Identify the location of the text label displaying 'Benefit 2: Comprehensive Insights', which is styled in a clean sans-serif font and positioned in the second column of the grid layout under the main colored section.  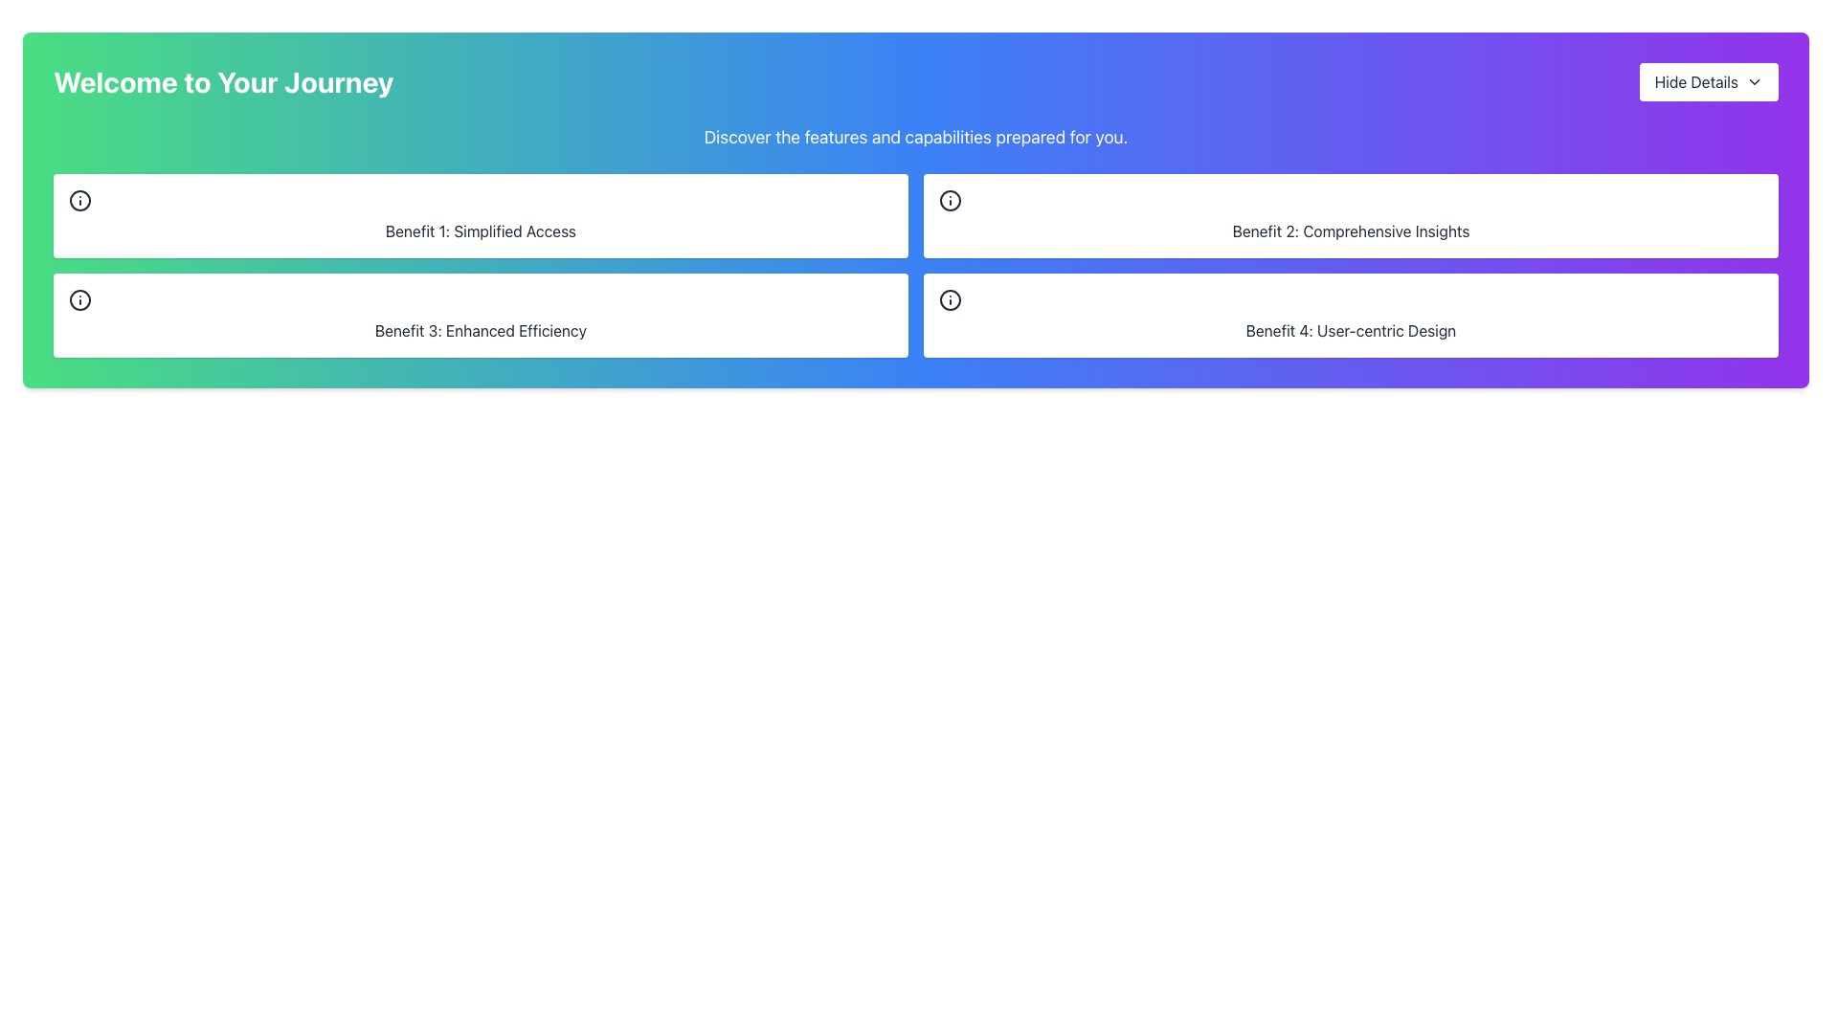
(1350, 231).